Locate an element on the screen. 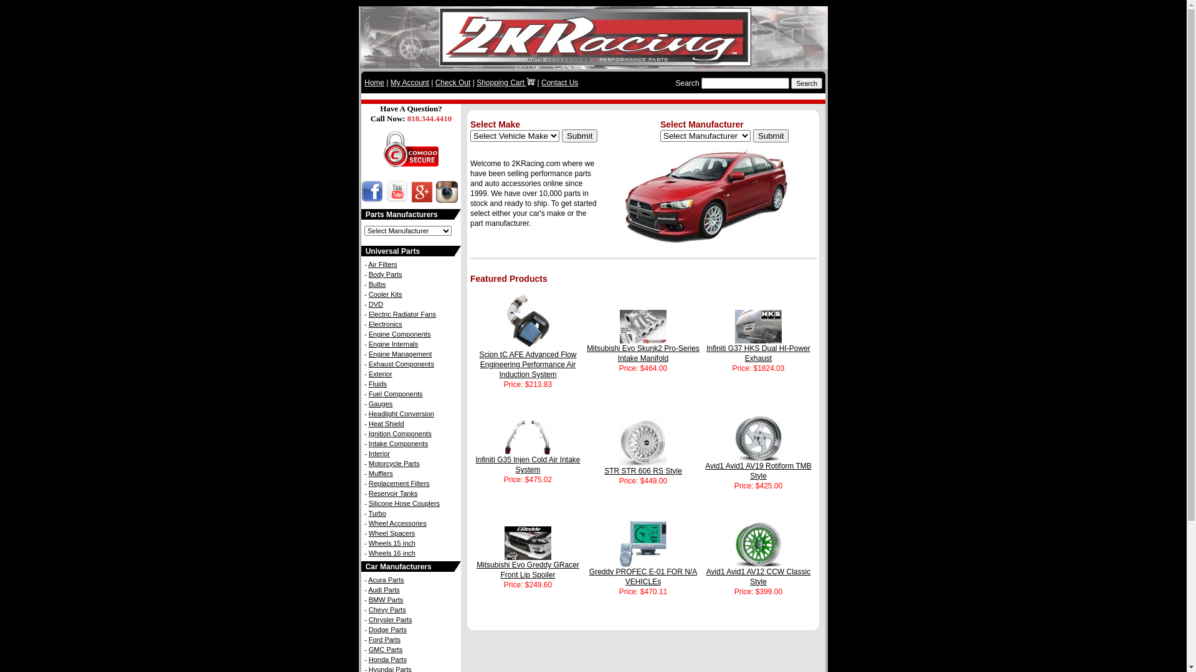 This screenshot has width=1196, height=672. 'Ignition Components' is located at coordinates (400, 433).